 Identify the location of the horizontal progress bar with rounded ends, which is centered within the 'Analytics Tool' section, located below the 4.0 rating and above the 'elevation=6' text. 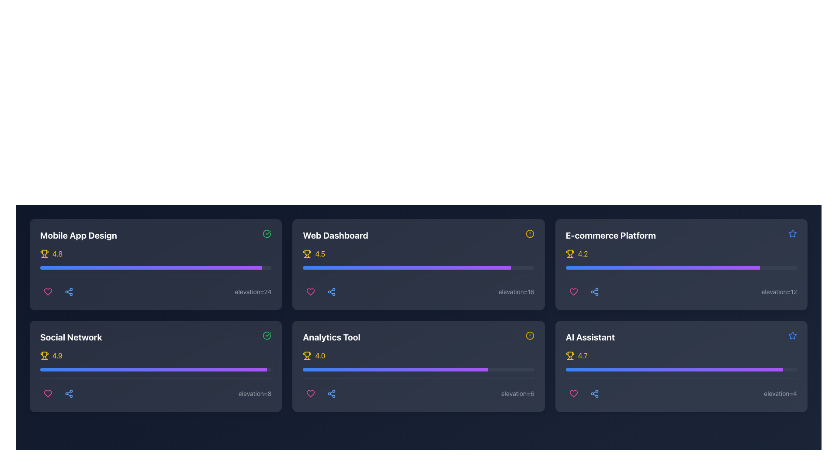
(418, 369).